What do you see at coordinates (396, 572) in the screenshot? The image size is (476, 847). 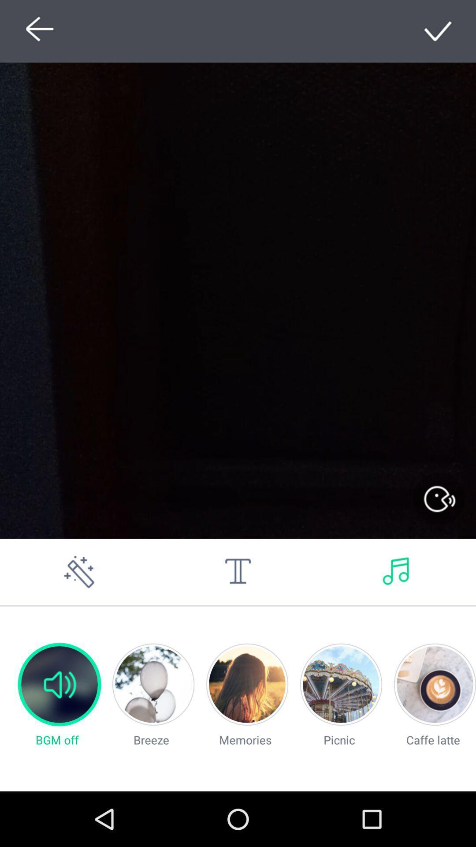 I see `switch to music button` at bounding box center [396, 572].